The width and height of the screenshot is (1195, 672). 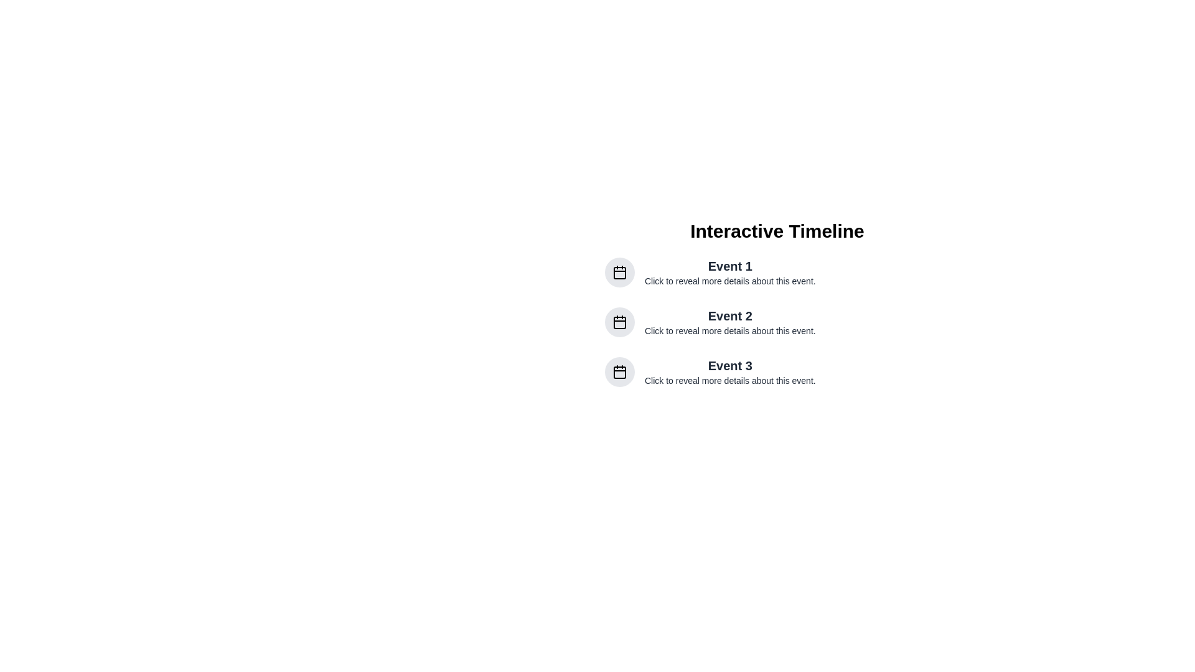 I want to click on the second list item in the 'Interactive Timeline' labeled 'Event 2', so click(x=776, y=321).